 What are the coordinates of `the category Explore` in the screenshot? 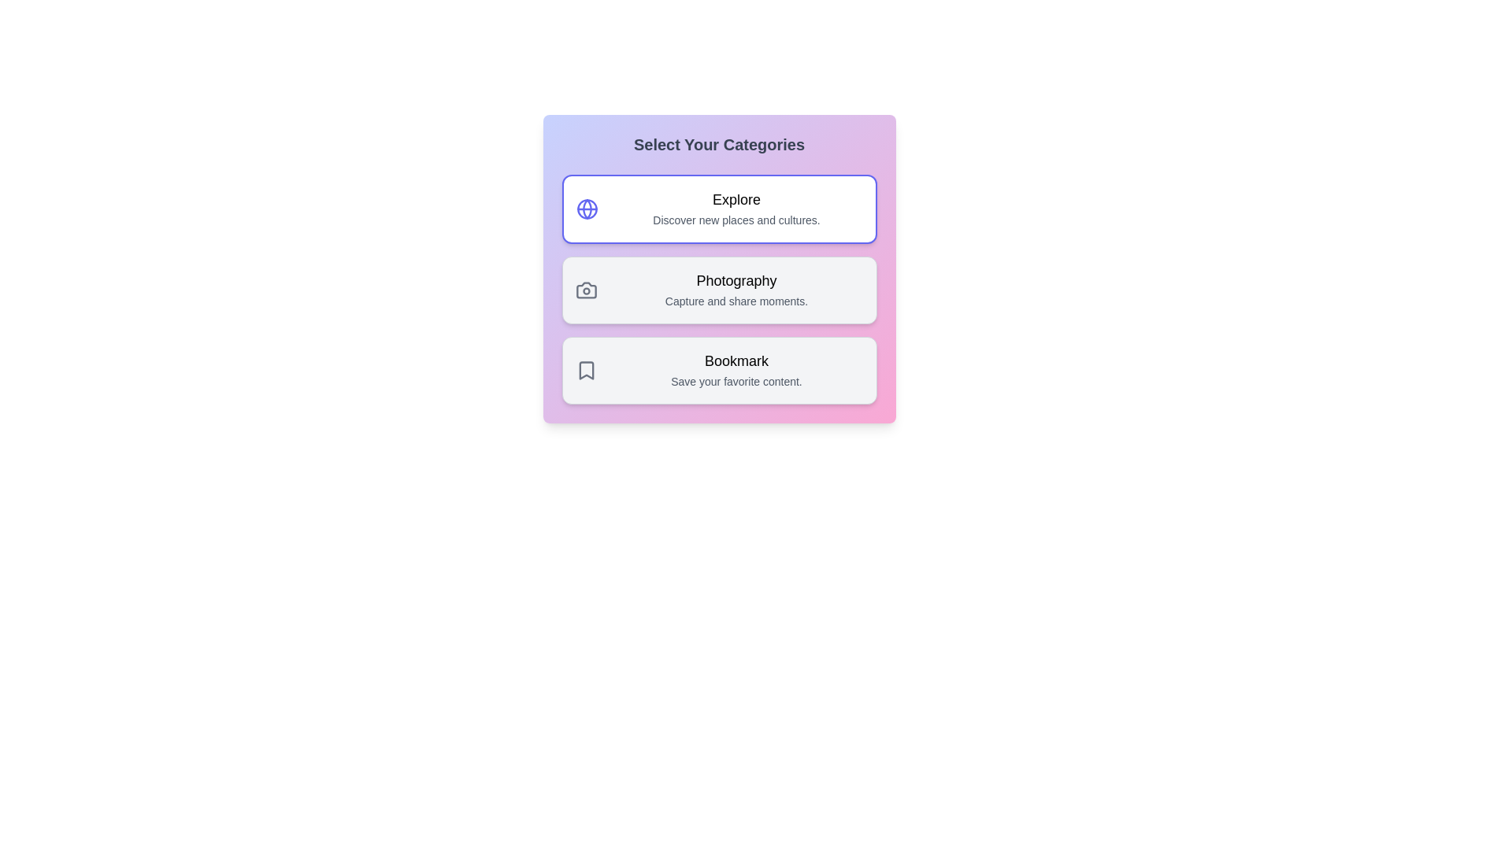 It's located at (718, 209).